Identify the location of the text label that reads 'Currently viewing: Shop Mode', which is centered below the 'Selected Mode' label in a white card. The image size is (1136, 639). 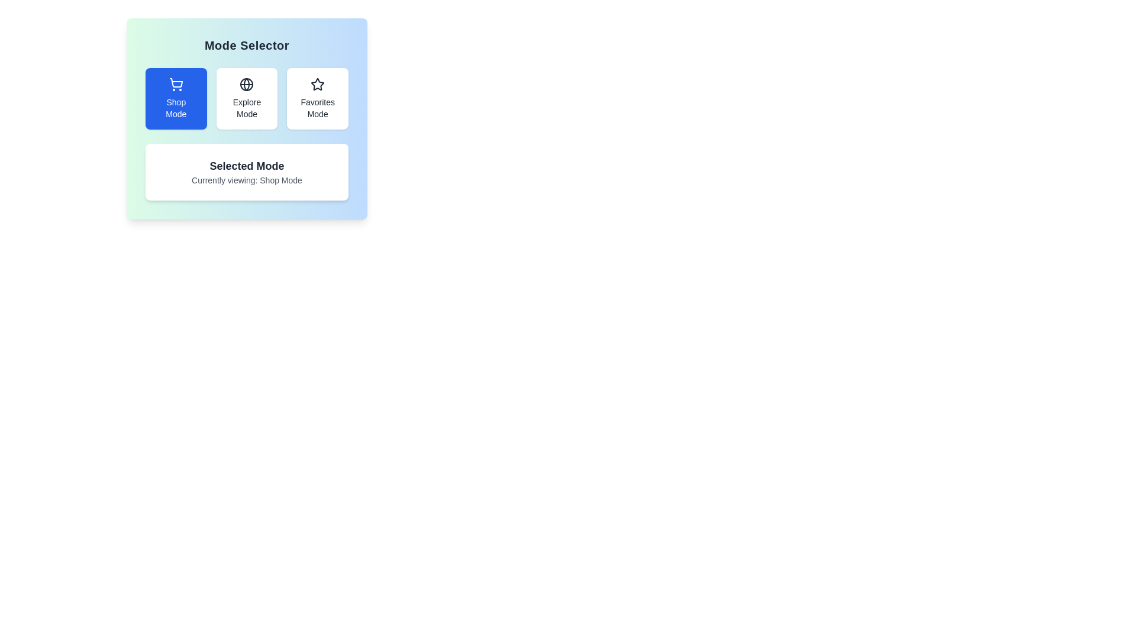
(246, 180).